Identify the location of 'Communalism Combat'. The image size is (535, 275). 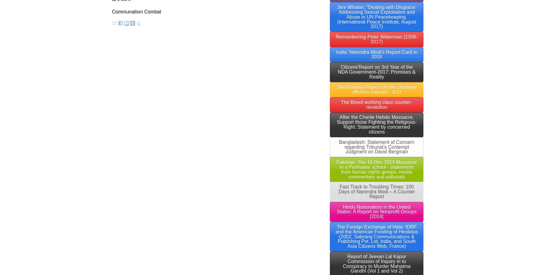
(136, 11).